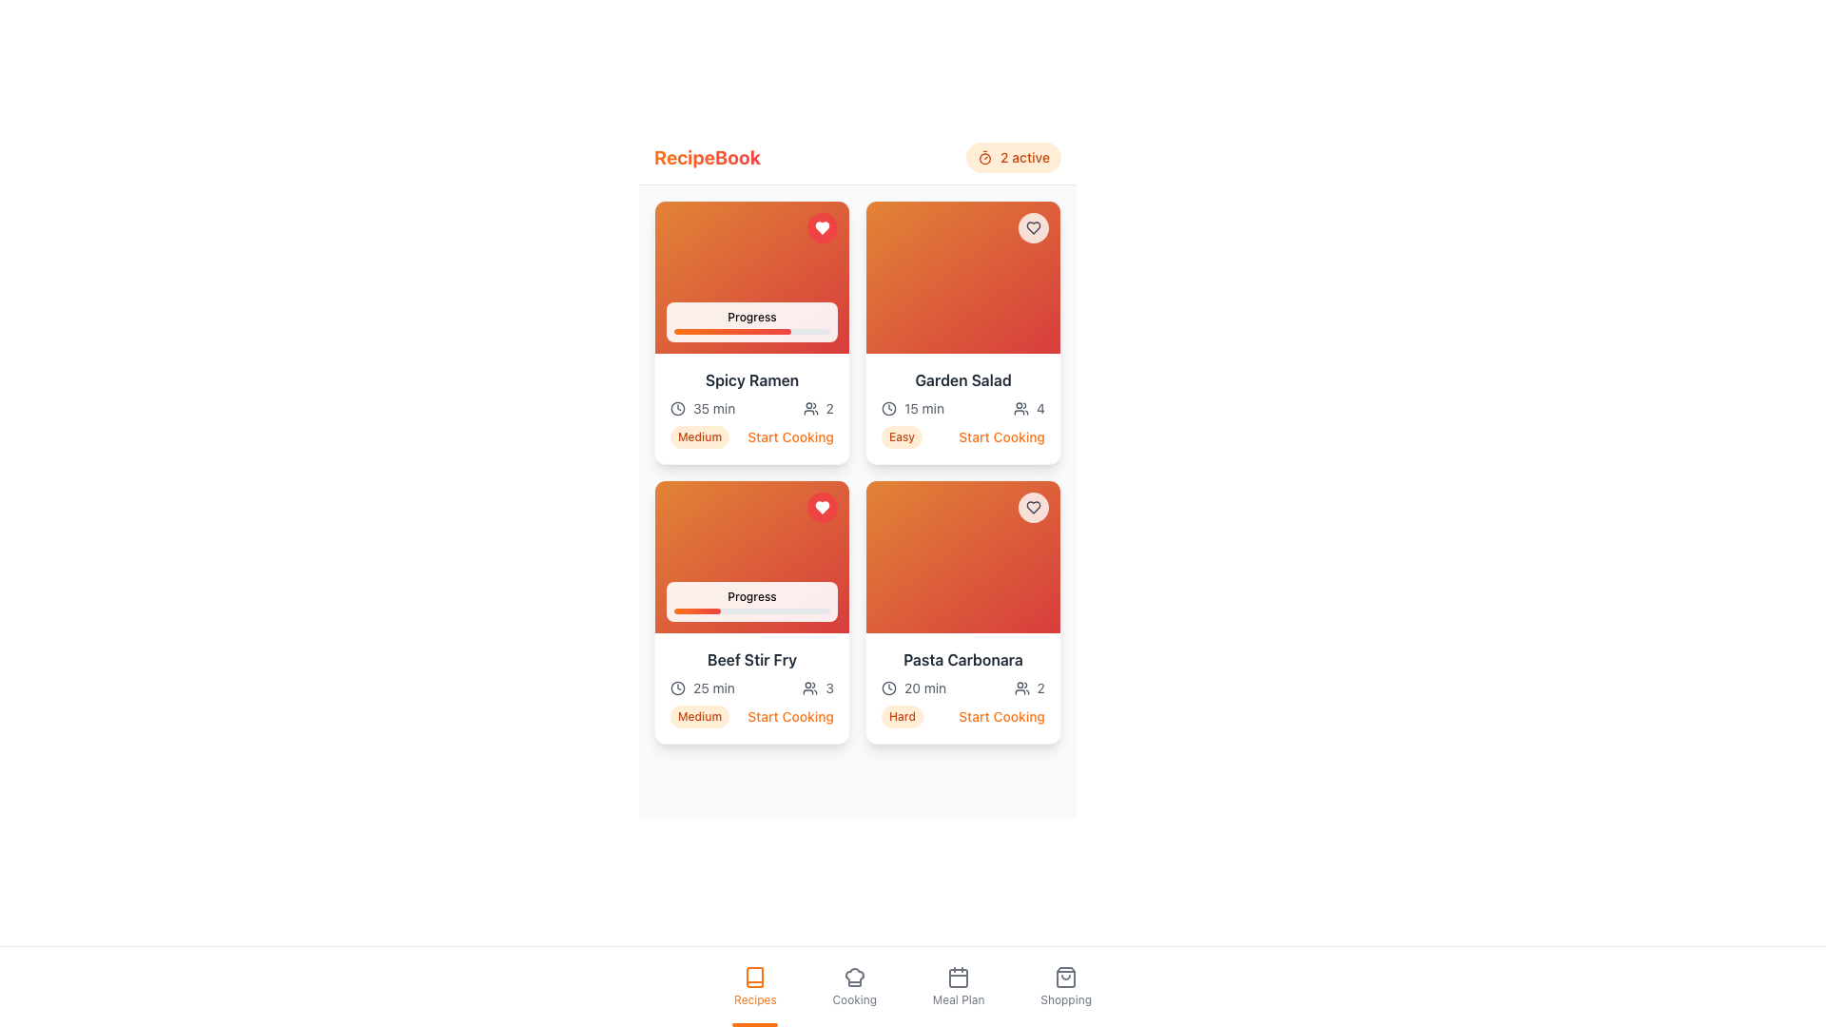  I want to click on the small, rectangular badge labeled 'Hard' with bold orange text, located at the bottom-left of the 'Pasta Carbonara' card, directly to the left of the 'Start Cooking' text link, so click(902, 716).